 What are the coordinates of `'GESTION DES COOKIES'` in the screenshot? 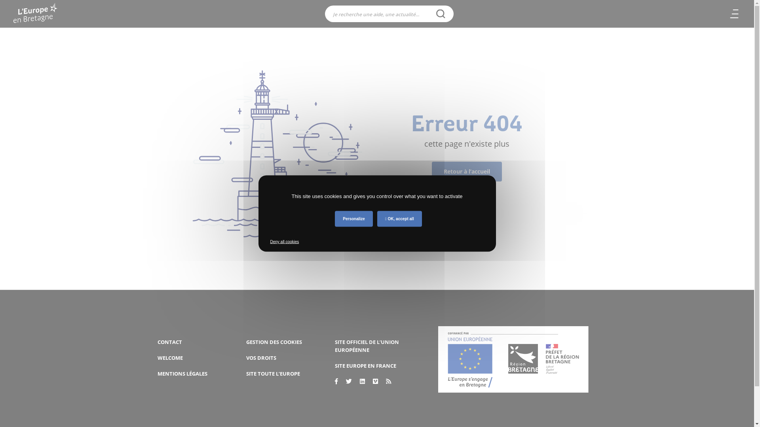 It's located at (246, 341).